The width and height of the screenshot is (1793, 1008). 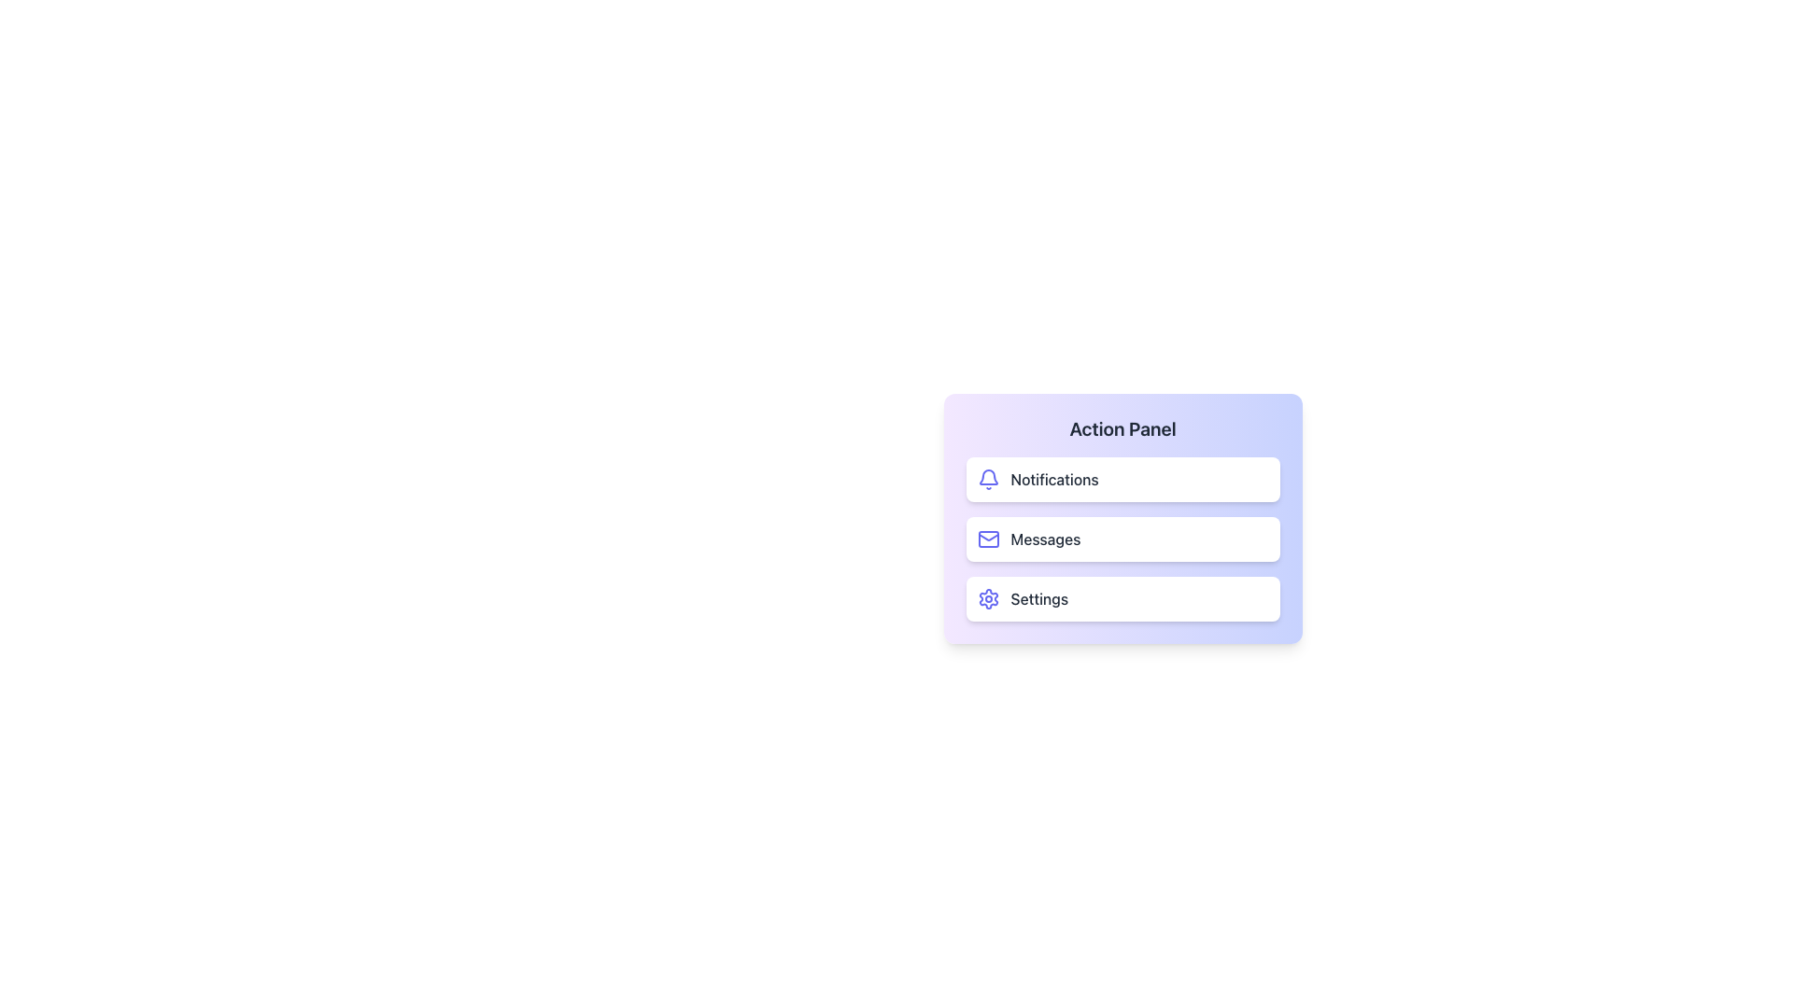 I want to click on the gear-shaped settings icon located in the Action Panel section, which is styled in blue and accompanied by the label 'Settings', so click(x=987, y=598).